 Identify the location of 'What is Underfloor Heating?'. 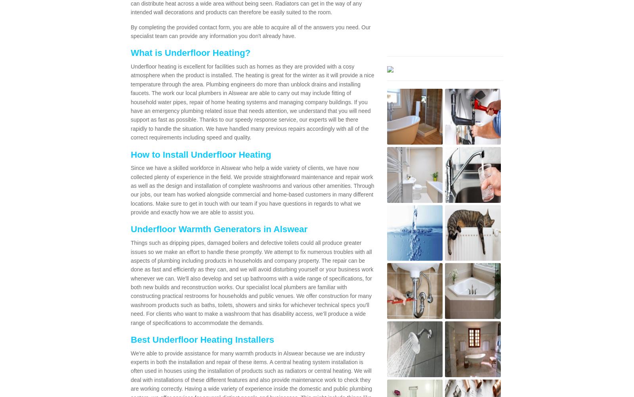
(190, 52).